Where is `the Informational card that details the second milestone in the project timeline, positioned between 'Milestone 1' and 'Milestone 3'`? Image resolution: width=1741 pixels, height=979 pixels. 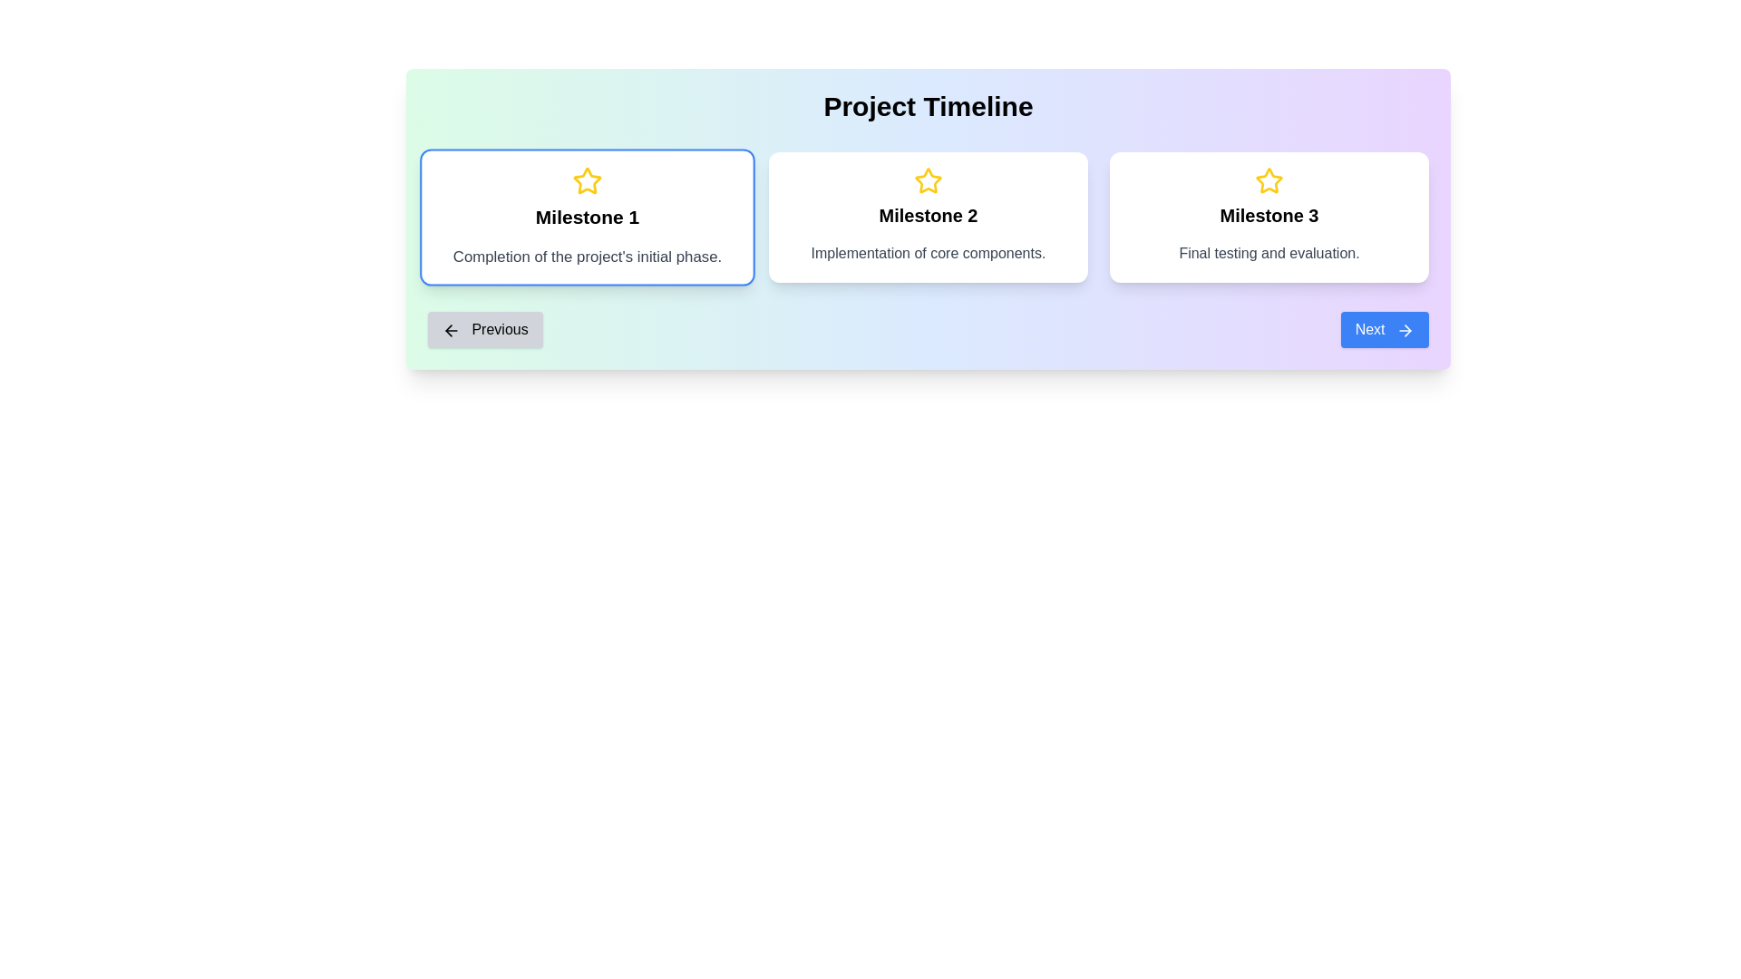
the Informational card that details the second milestone in the project timeline, positioned between 'Milestone 1' and 'Milestone 3' is located at coordinates (928, 216).